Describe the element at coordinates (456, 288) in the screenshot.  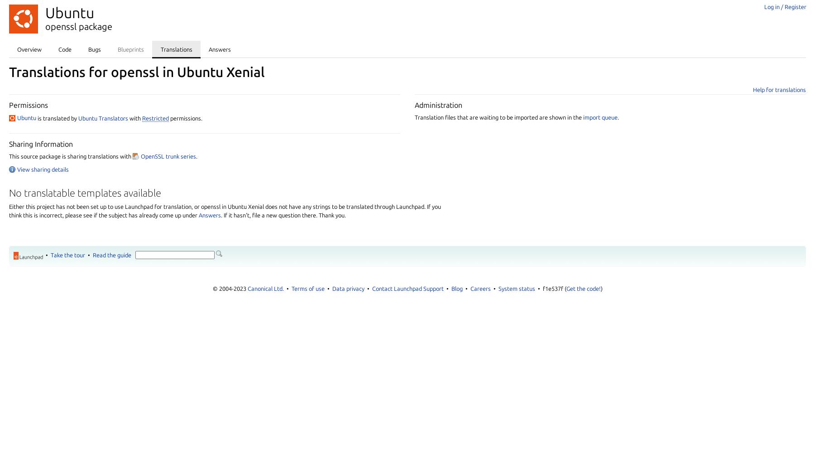
I see `'Blog'` at that location.